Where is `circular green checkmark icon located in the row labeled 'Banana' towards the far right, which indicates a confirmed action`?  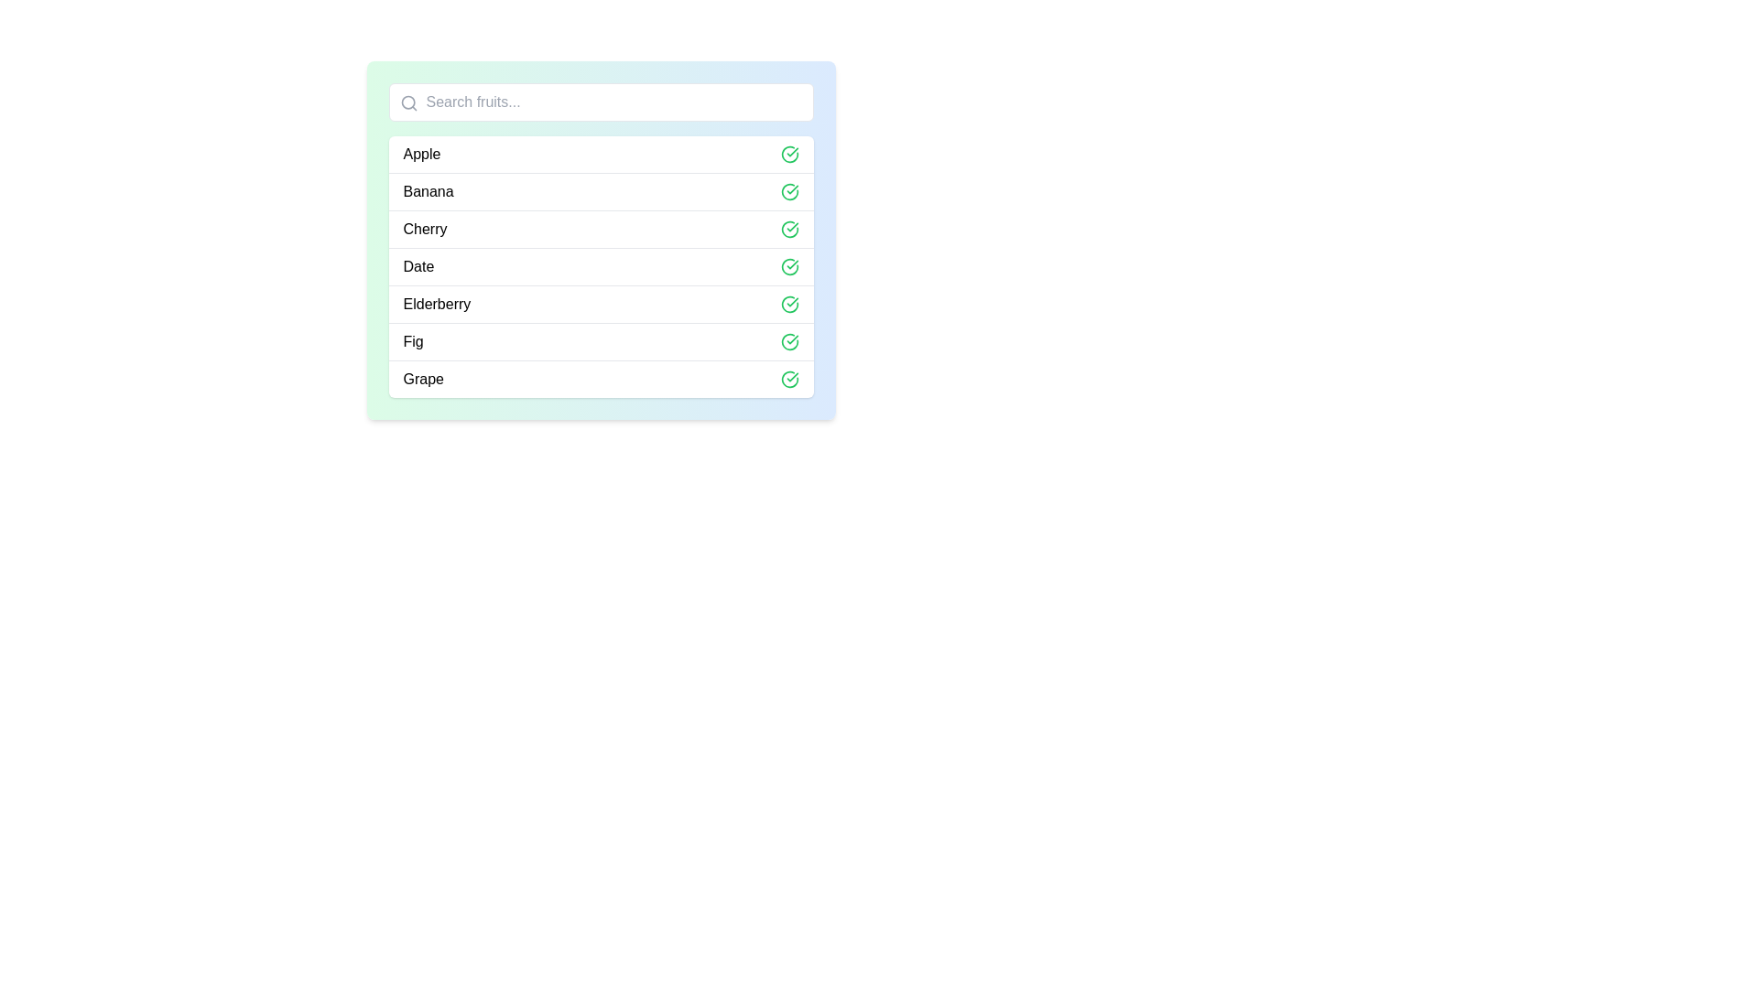 circular green checkmark icon located in the row labeled 'Banana' towards the far right, which indicates a confirmed action is located at coordinates (789, 191).